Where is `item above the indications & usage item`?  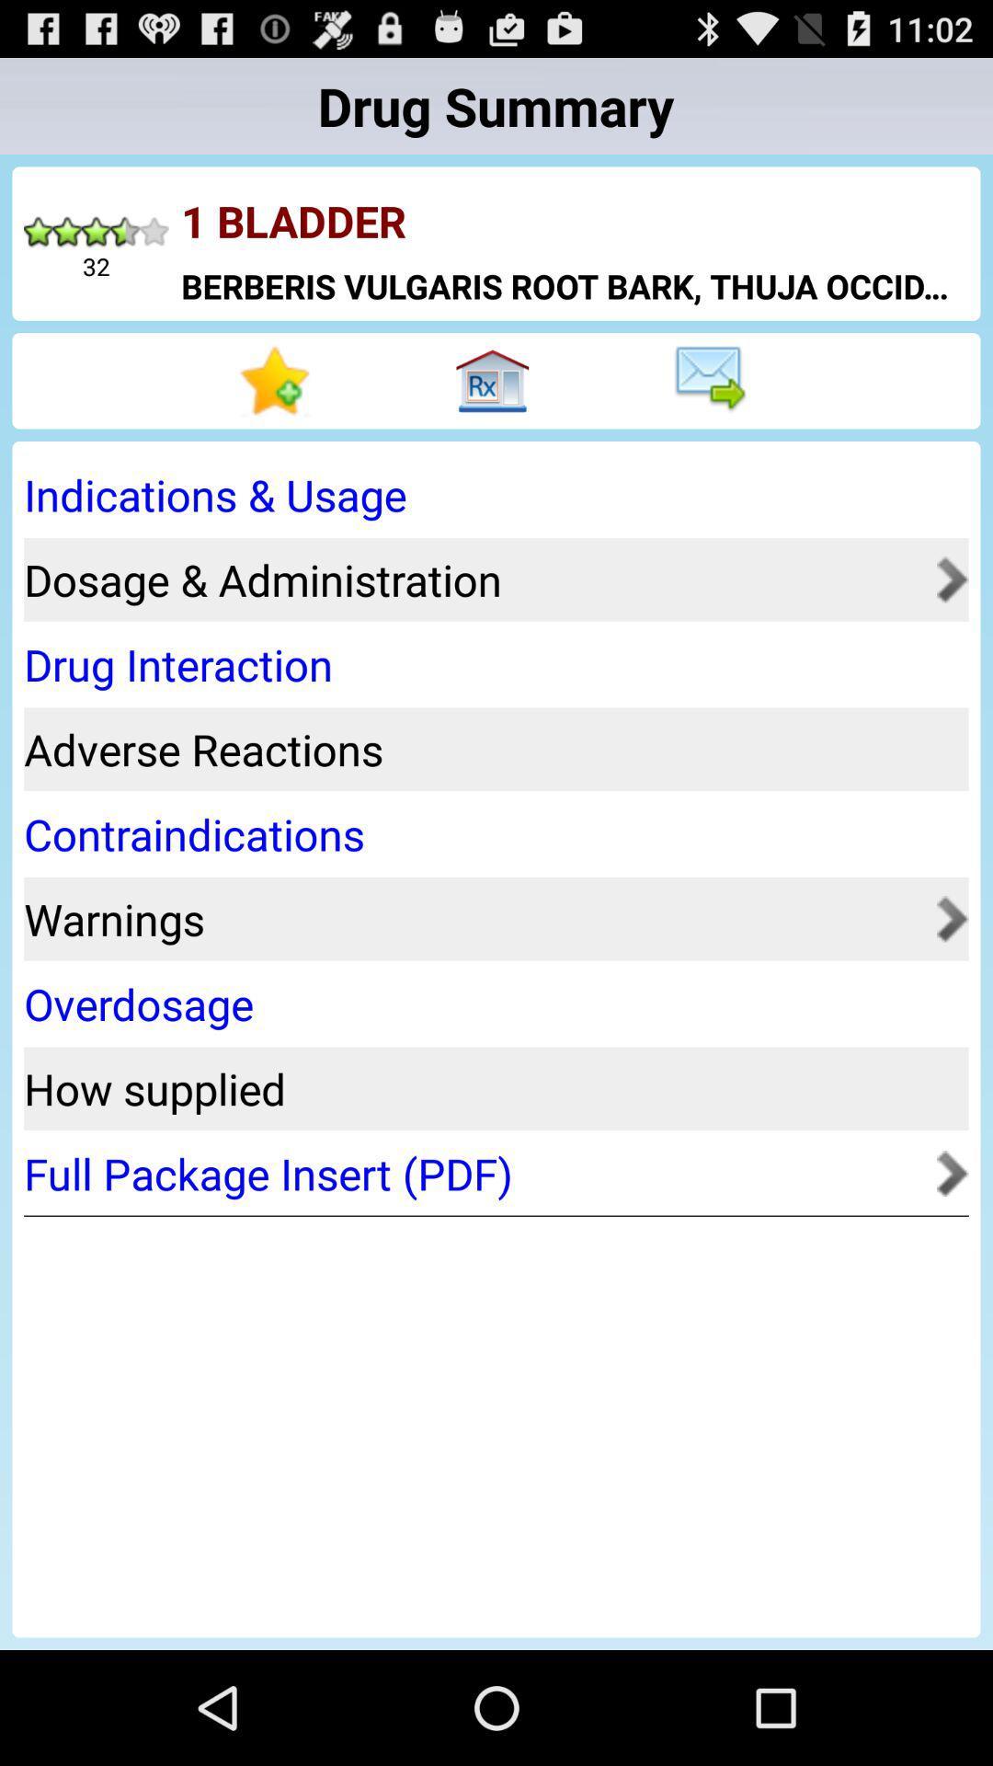
item above the indications & usage item is located at coordinates (713, 380).